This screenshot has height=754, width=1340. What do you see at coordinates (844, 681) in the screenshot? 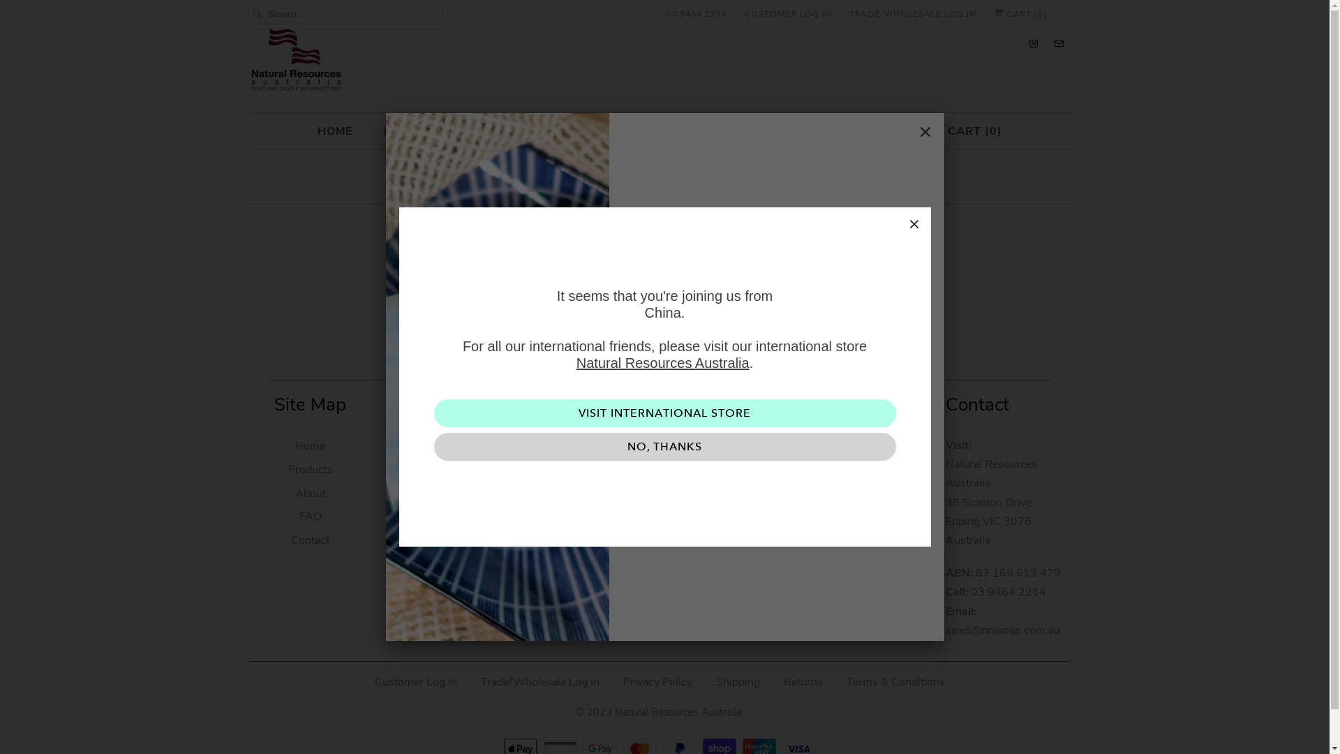
I see `'Terms & Conditions'` at bounding box center [844, 681].